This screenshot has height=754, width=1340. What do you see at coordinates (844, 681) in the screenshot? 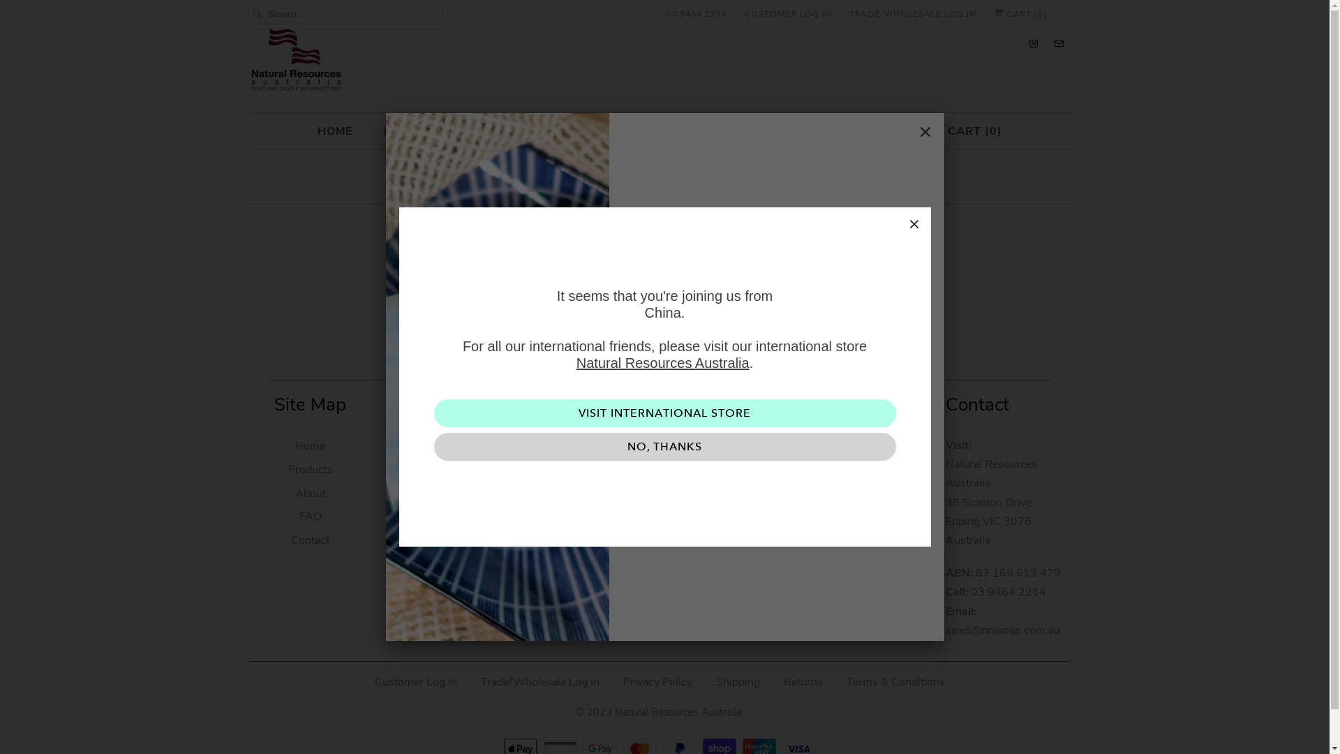
I see `'Terms & Conditions'` at bounding box center [844, 681].